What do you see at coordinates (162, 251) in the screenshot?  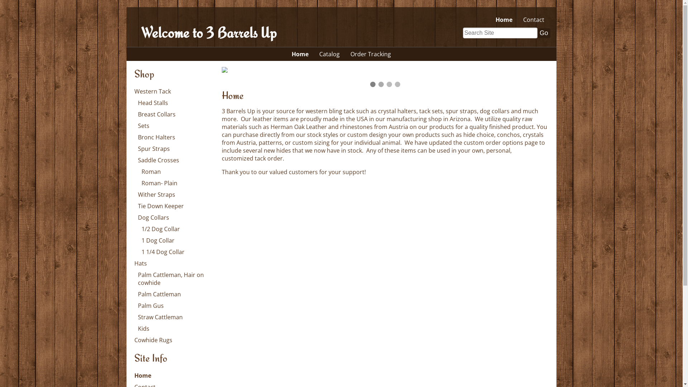 I see `'1 1/4 Dog Collar'` at bounding box center [162, 251].